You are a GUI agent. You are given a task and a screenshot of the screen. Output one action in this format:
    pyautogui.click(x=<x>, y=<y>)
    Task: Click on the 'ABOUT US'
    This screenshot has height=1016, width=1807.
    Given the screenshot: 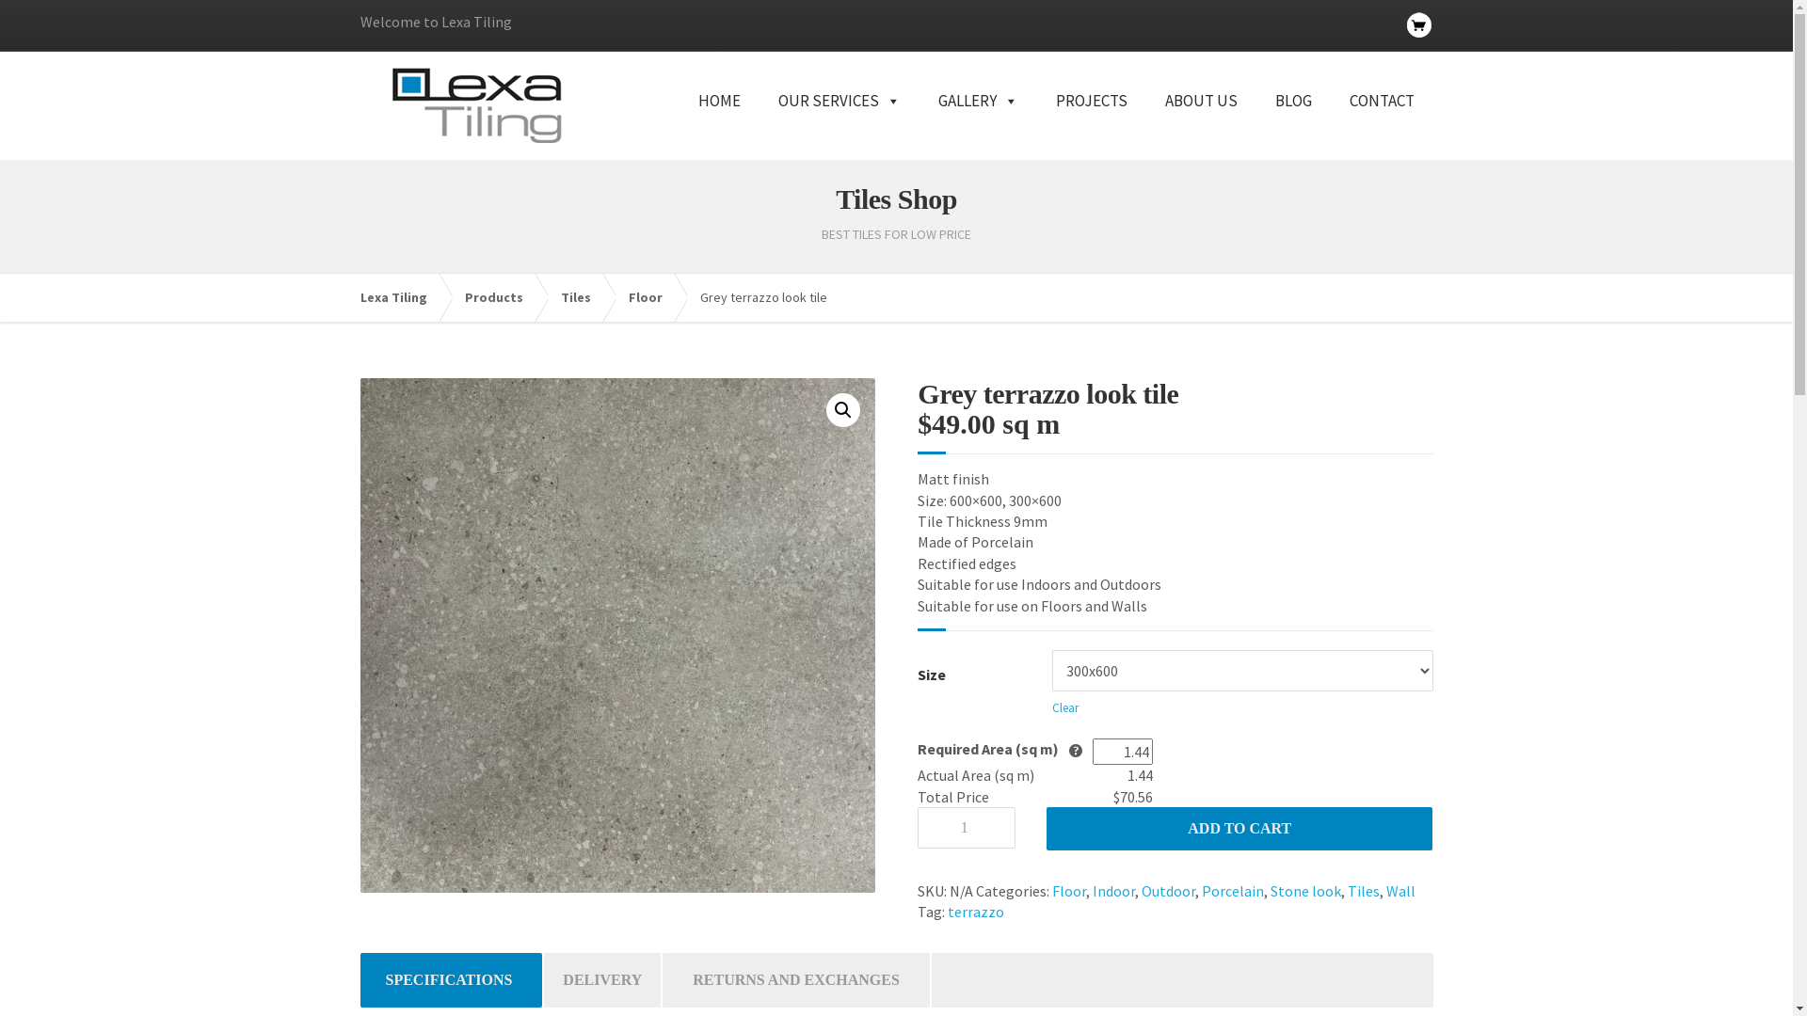 What is the action you would take?
    pyautogui.click(x=1200, y=122)
    